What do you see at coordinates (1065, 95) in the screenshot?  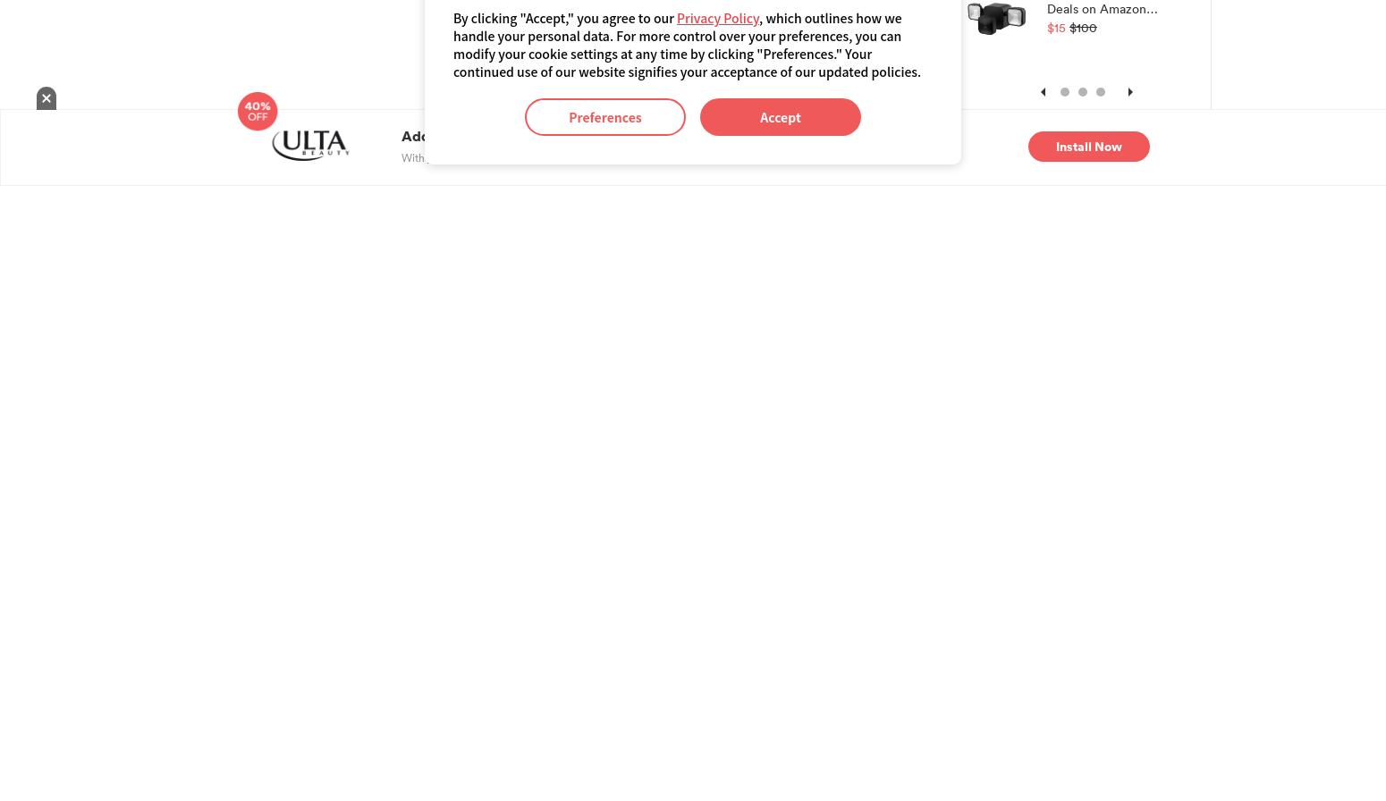 I see `'1'` at bounding box center [1065, 95].